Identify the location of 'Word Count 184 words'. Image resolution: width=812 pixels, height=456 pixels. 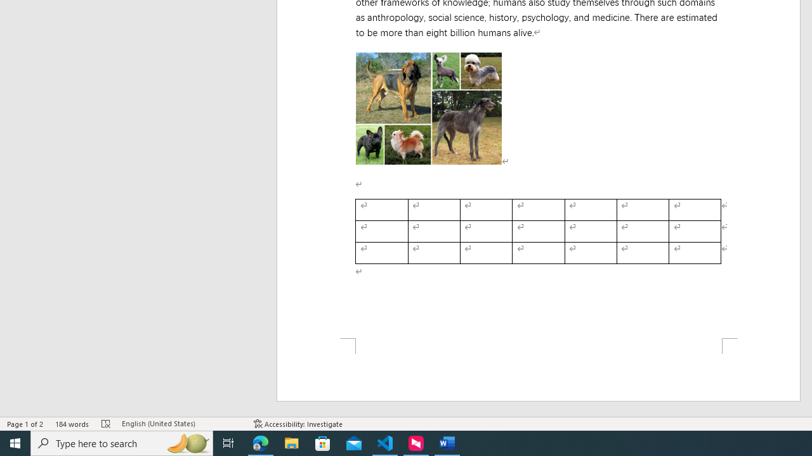
(71, 424).